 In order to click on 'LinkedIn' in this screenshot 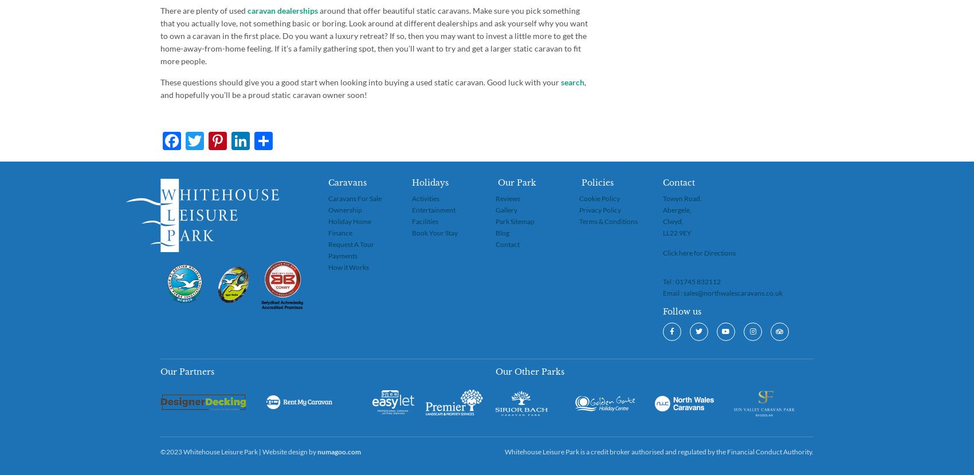, I will do `click(285, 140)`.